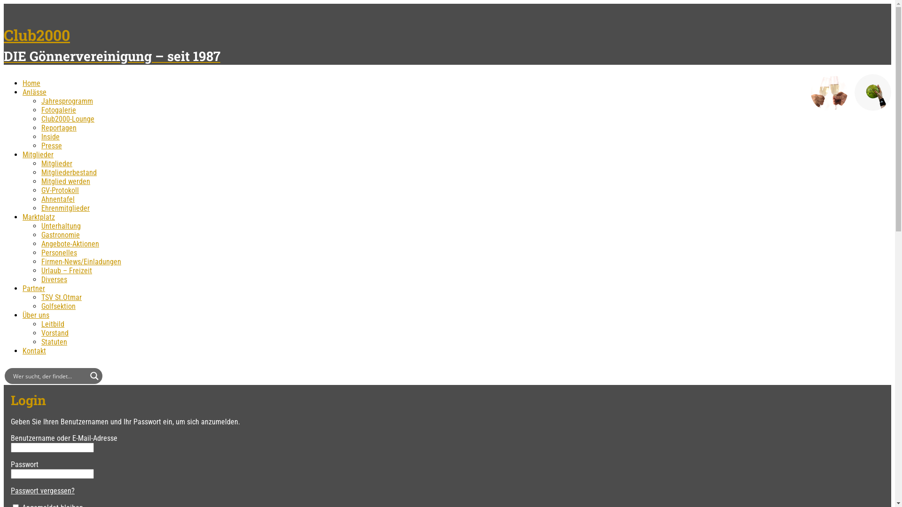  I want to click on 'Mitgliederbestand', so click(40, 172).